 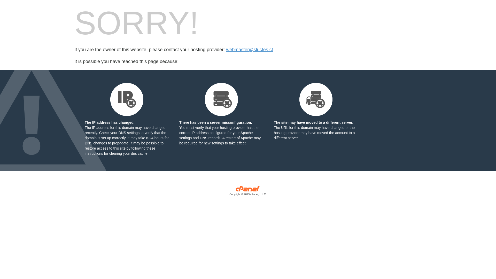 What do you see at coordinates (120, 151) in the screenshot?
I see `'following these instructions'` at bounding box center [120, 151].